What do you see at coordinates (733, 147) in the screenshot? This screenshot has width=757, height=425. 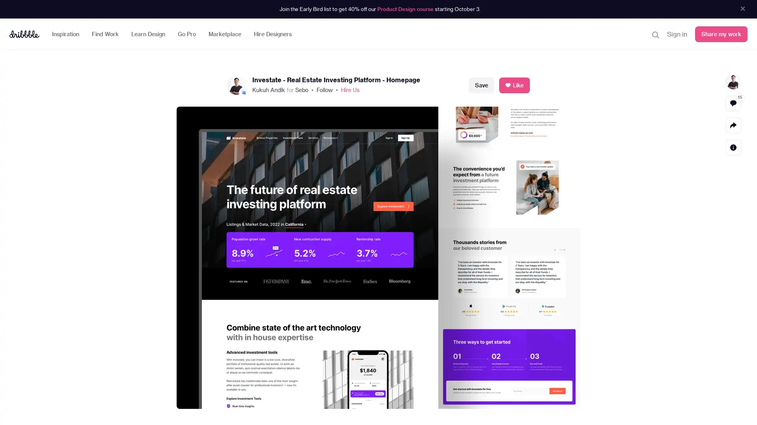 I see `Detail actions` at bounding box center [733, 147].